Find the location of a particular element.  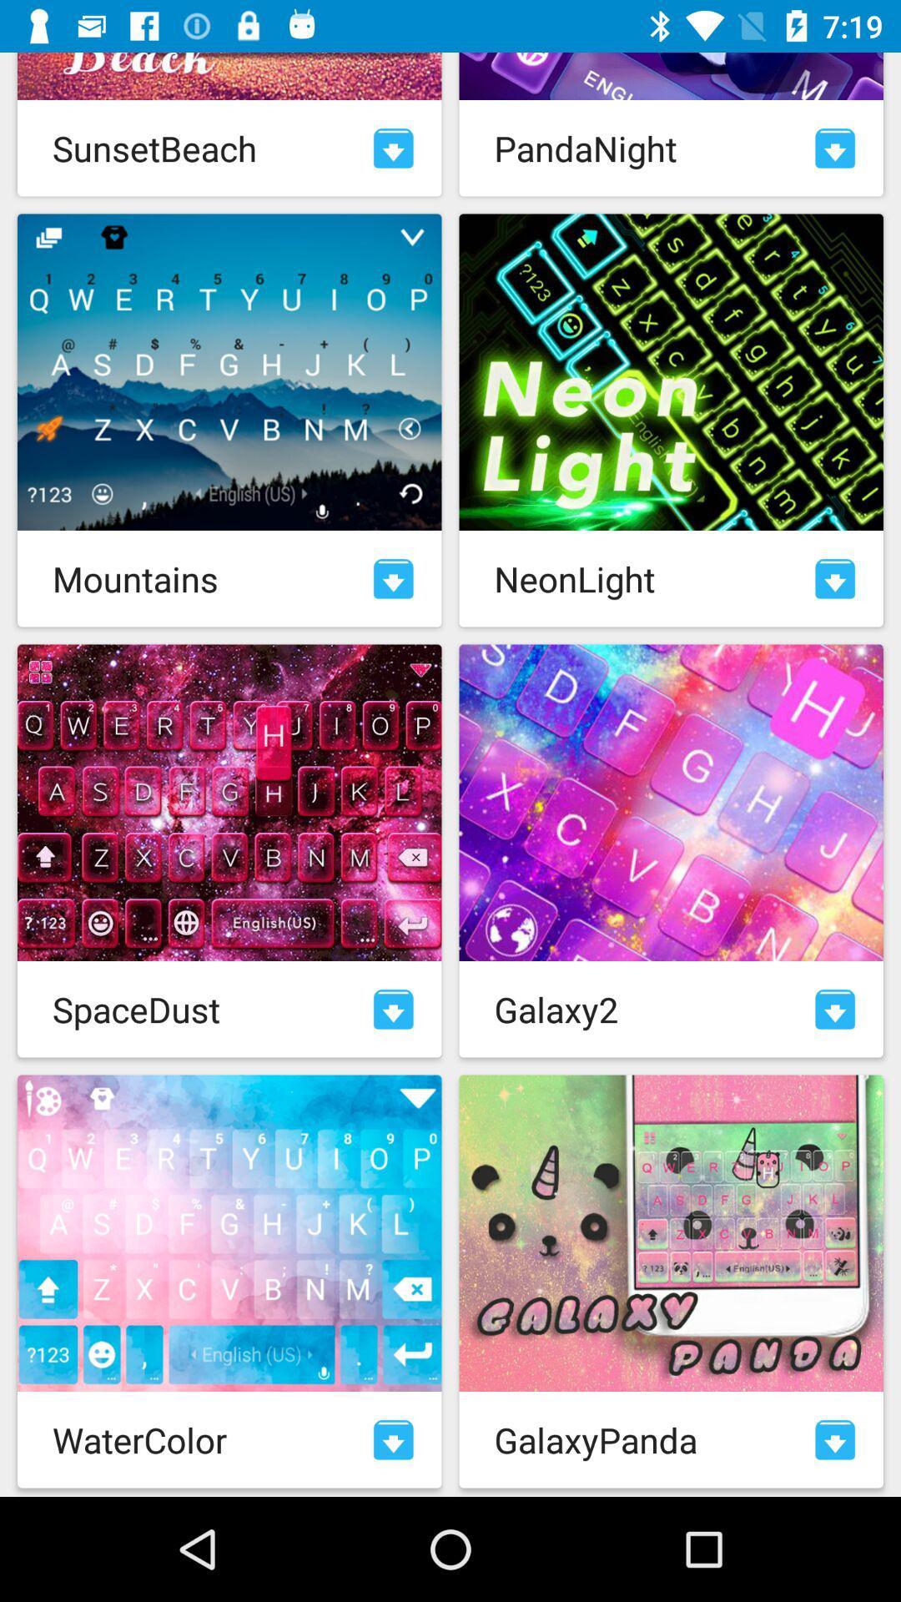

download skin is located at coordinates (835, 578).